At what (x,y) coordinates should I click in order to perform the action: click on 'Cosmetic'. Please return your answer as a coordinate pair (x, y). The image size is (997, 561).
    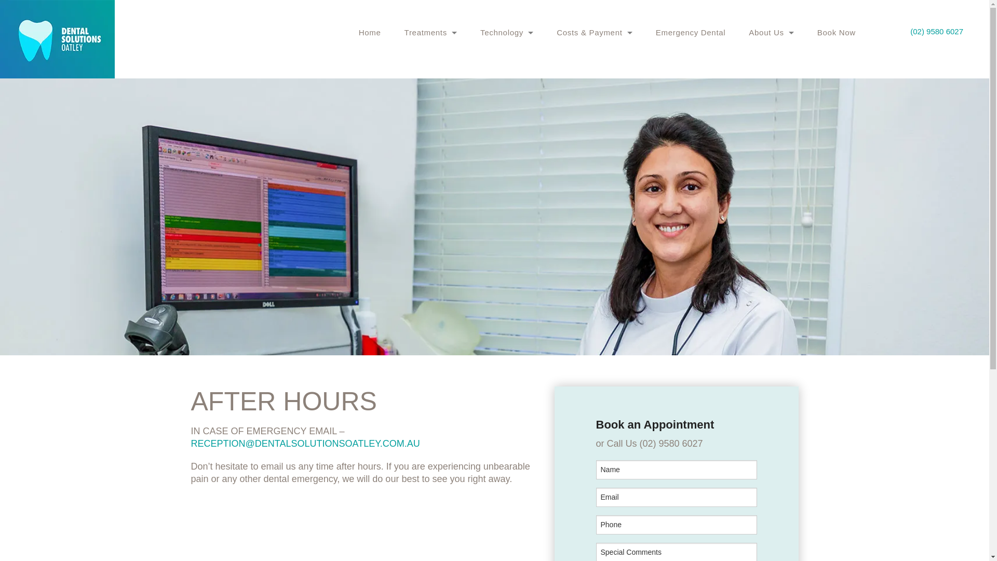
    Looking at the image, I should click on (403, 82).